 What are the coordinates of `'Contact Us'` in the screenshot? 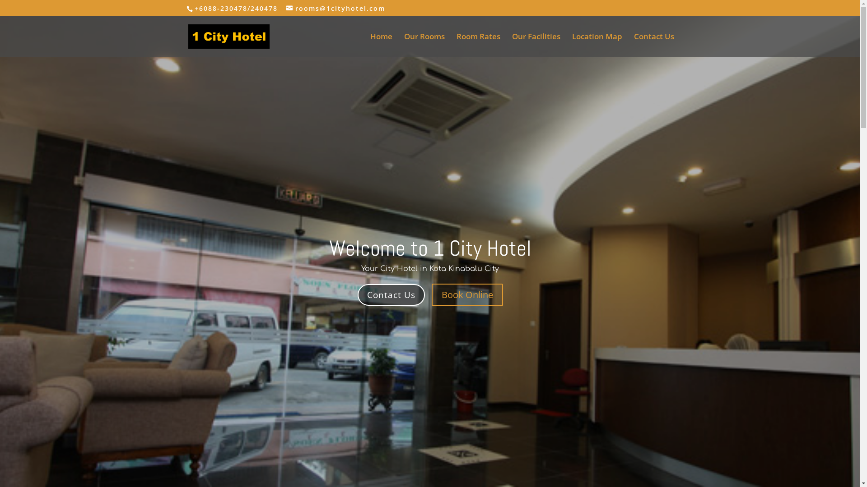 It's located at (357, 295).